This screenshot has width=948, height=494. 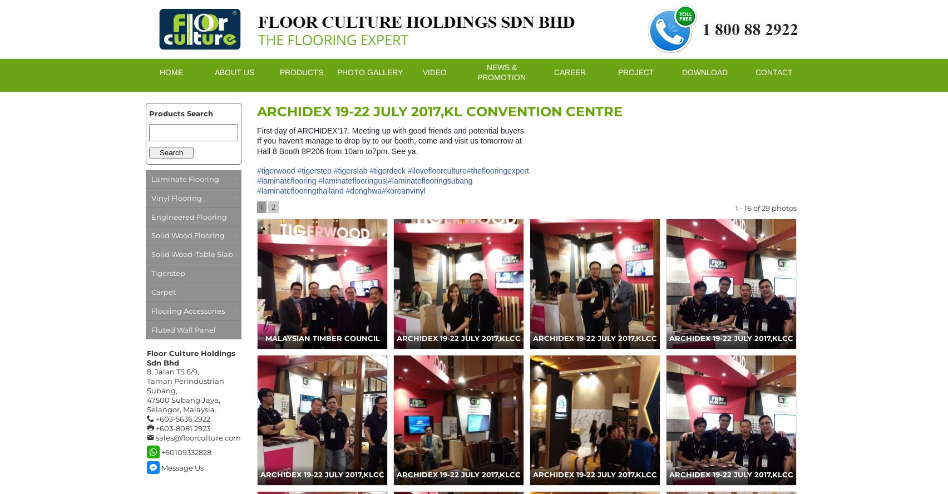 I want to click on 'tigerdeck', so click(x=373, y=170).